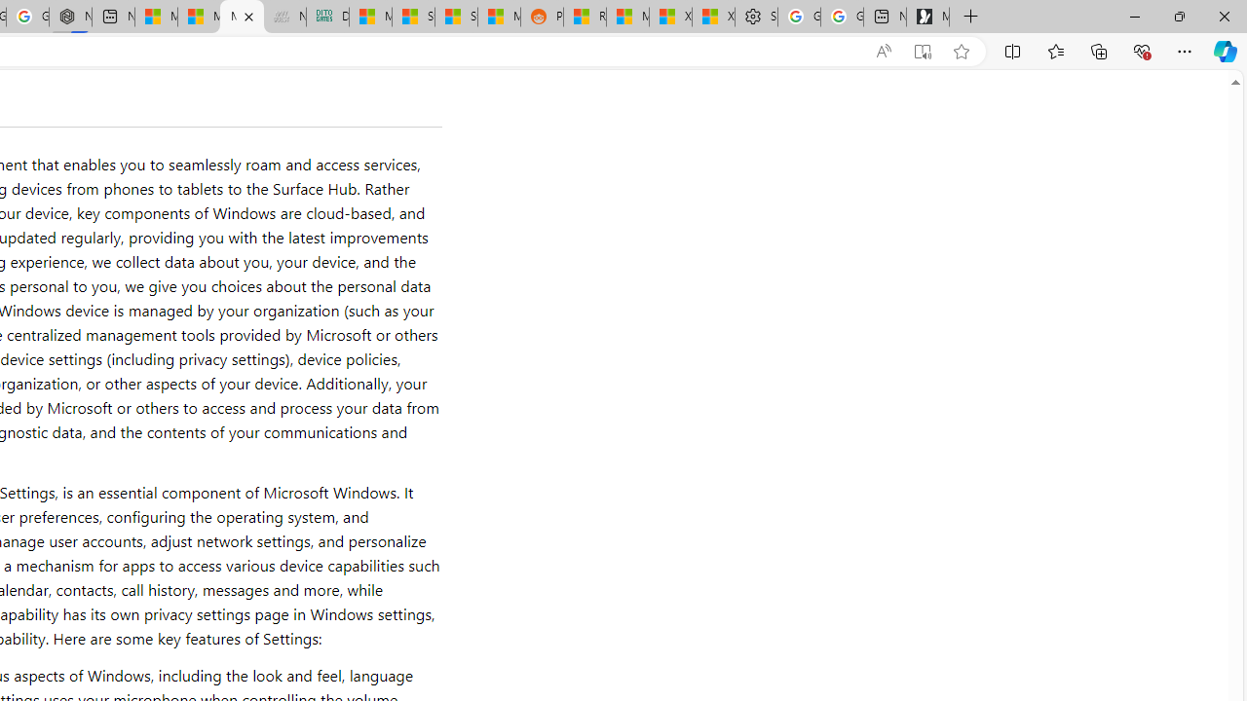  I want to click on 'R******* | Trusted Community Engagement and Contributions', so click(584, 17).